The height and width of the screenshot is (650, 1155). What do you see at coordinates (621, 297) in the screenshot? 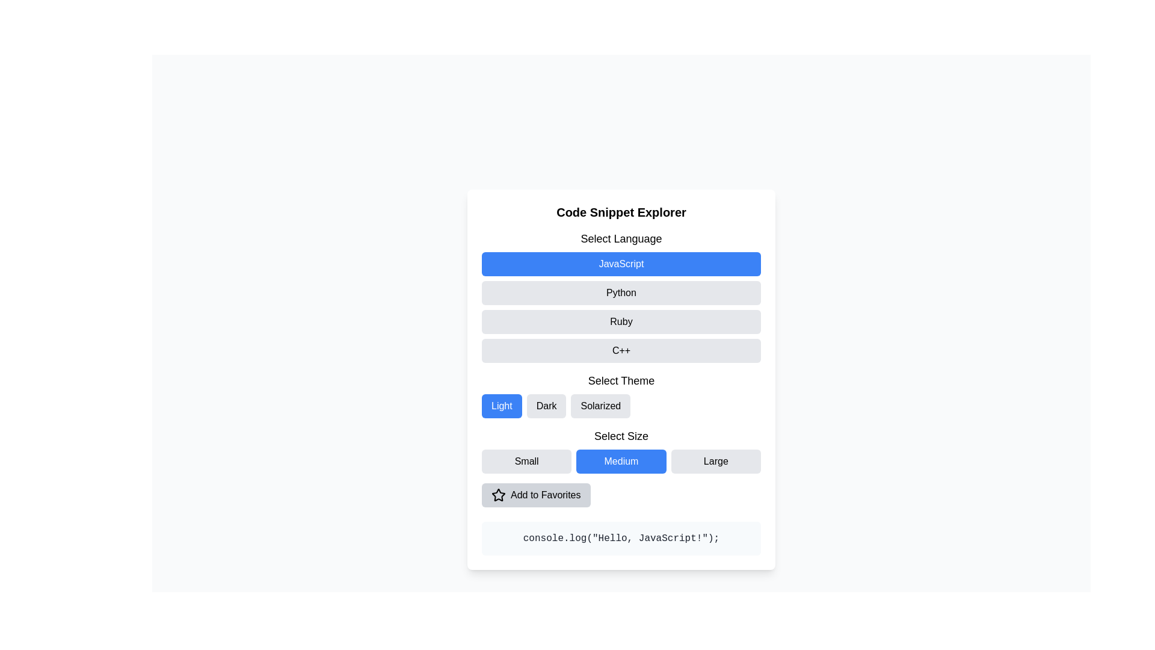
I see `the 'Python' button with a light gray background and rounded corners, located under the 'Select Language' header in the 'Code Snippet Explorer'` at bounding box center [621, 297].